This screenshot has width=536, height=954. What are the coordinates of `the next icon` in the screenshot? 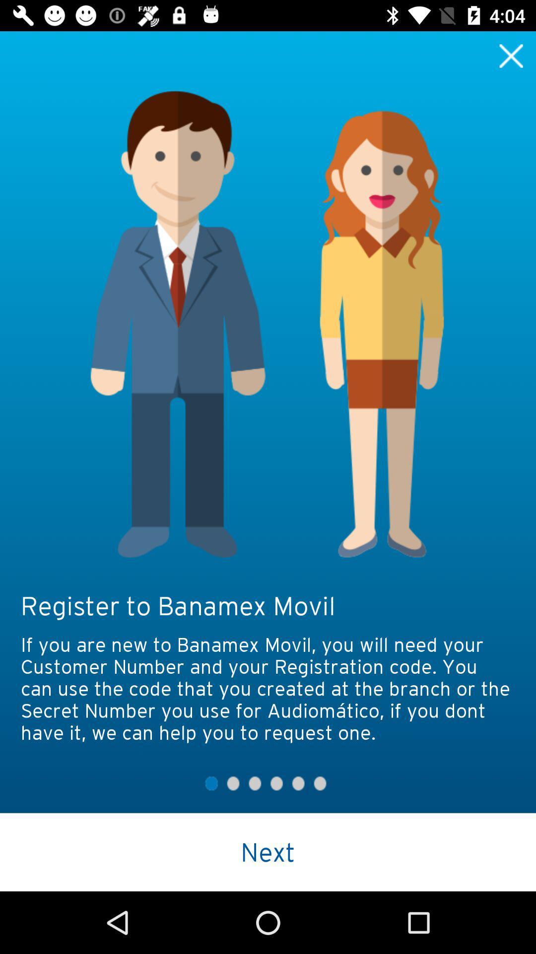 It's located at (268, 852).